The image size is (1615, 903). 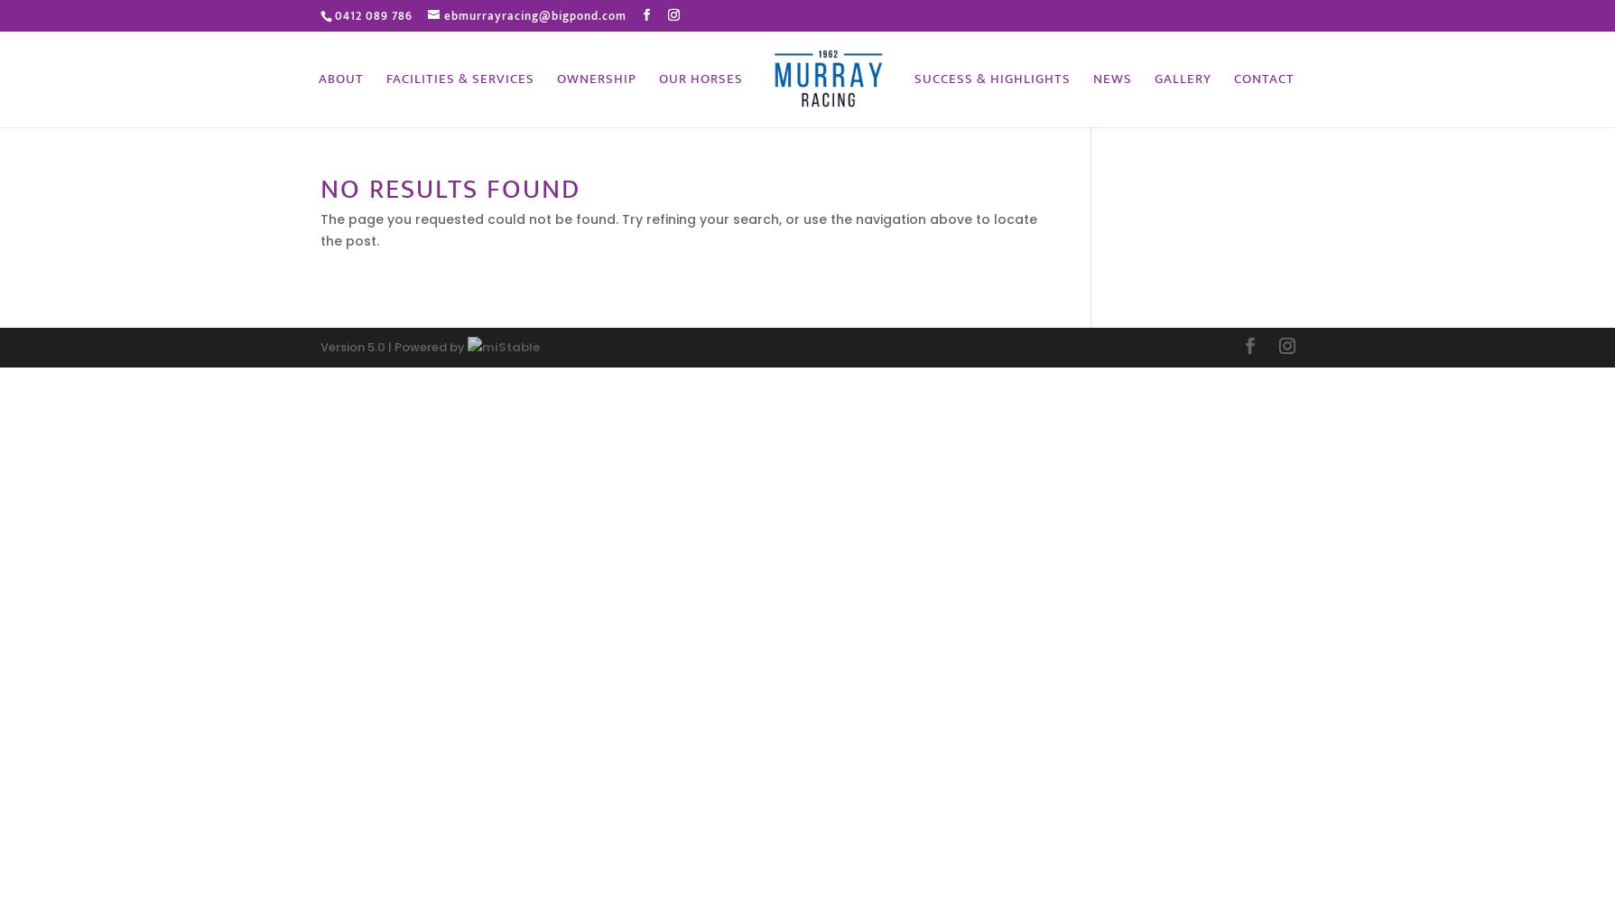 I want to click on 'Version 5.0 |', so click(x=354, y=346).